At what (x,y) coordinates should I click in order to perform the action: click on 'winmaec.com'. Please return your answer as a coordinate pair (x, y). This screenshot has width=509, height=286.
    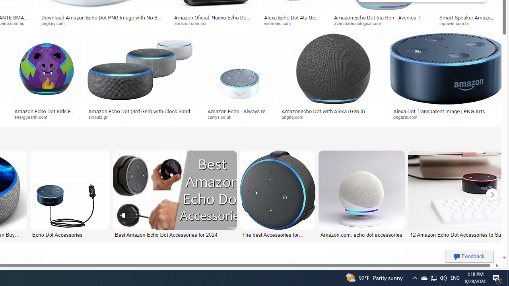
    Looking at the image, I should click on (294, 23).